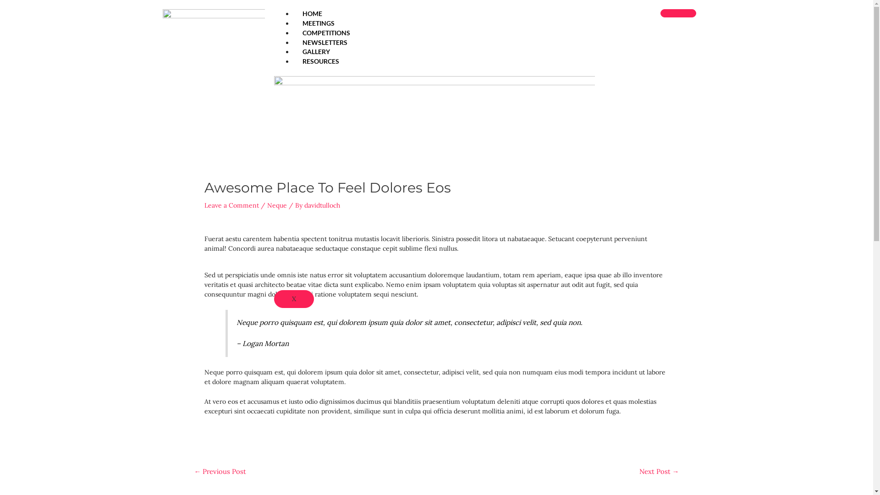  I want to click on 'davidtulloch', so click(322, 204).